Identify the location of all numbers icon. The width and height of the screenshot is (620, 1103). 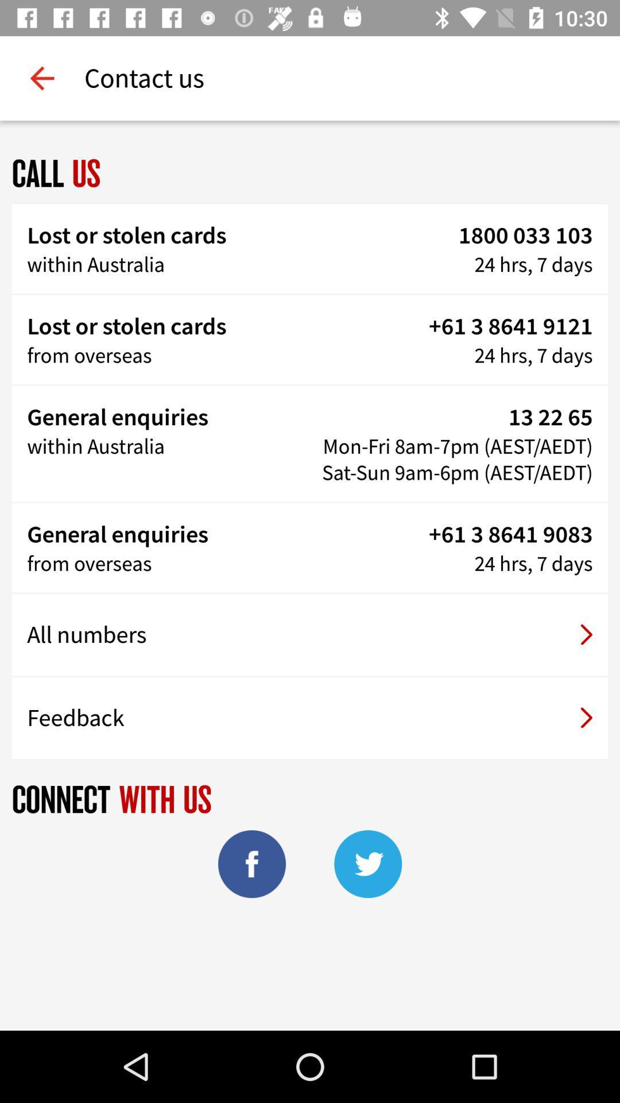
(310, 634).